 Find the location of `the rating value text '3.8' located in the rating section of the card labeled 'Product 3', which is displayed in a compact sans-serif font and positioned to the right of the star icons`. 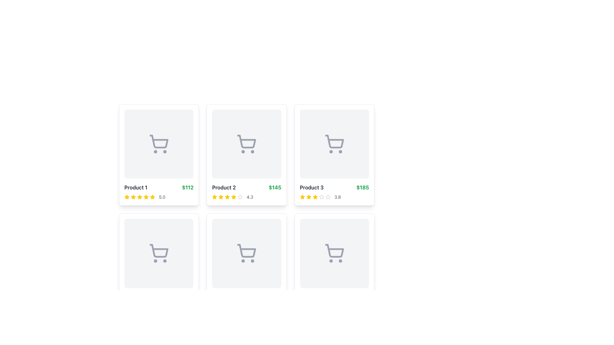

the rating value text '3.8' located in the rating section of the card labeled 'Product 3', which is displayed in a compact sans-serif font and positioned to the right of the star icons is located at coordinates (337, 197).